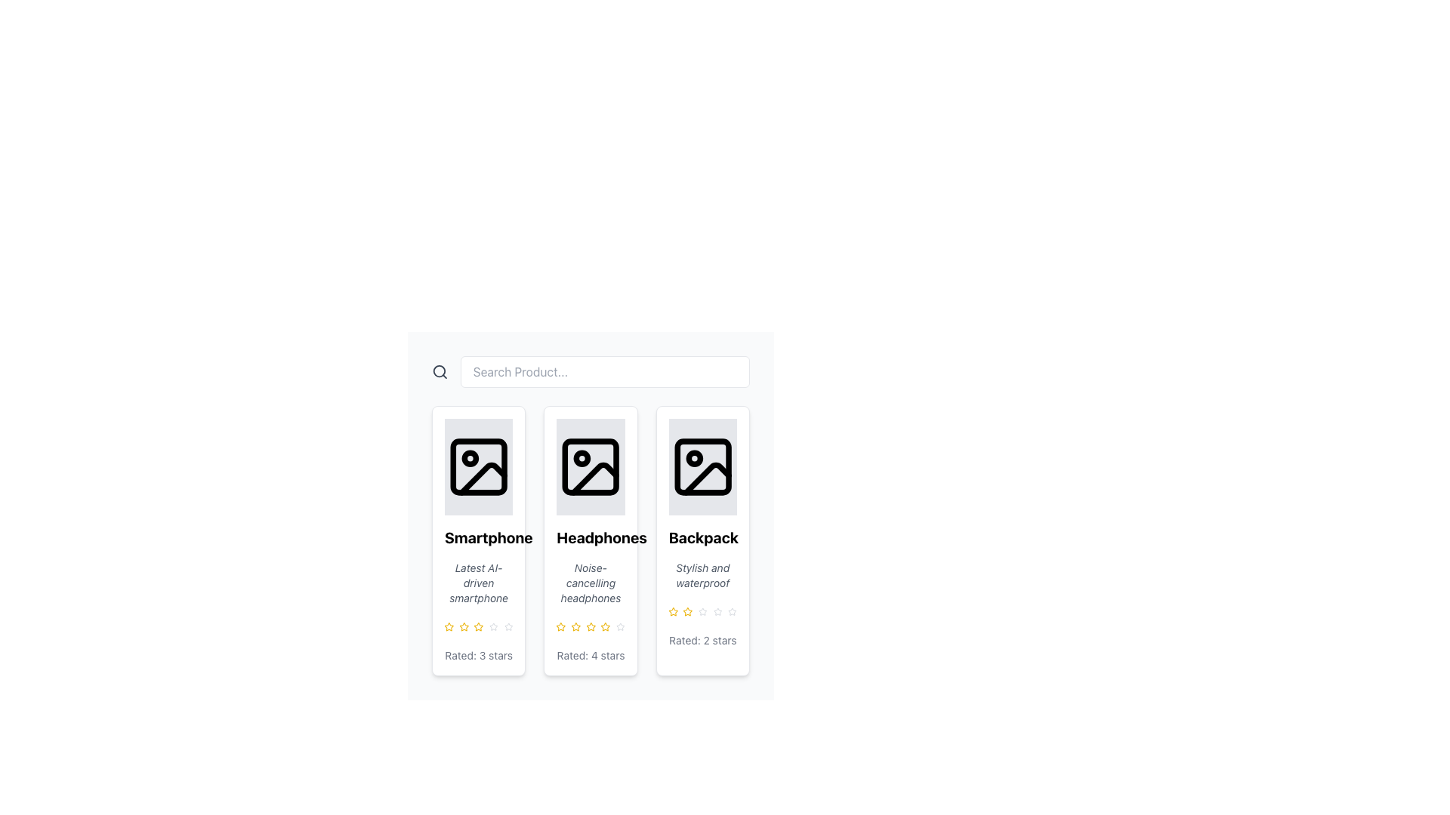 The height and width of the screenshot is (815, 1450). What do you see at coordinates (687, 611) in the screenshot?
I see `the second yellow star-shaped rating icon in the rating section of the 'Backpack' product card to indicate a rating selection` at bounding box center [687, 611].